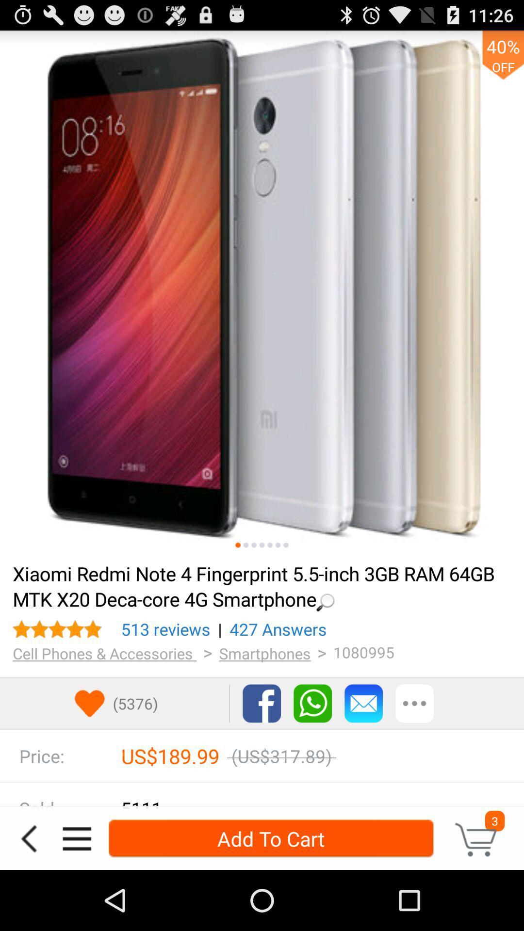 The image size is (524, 931). Describe the element at coordinates (262, 292) in the screenshot. I see `the item above loading...` at that location.